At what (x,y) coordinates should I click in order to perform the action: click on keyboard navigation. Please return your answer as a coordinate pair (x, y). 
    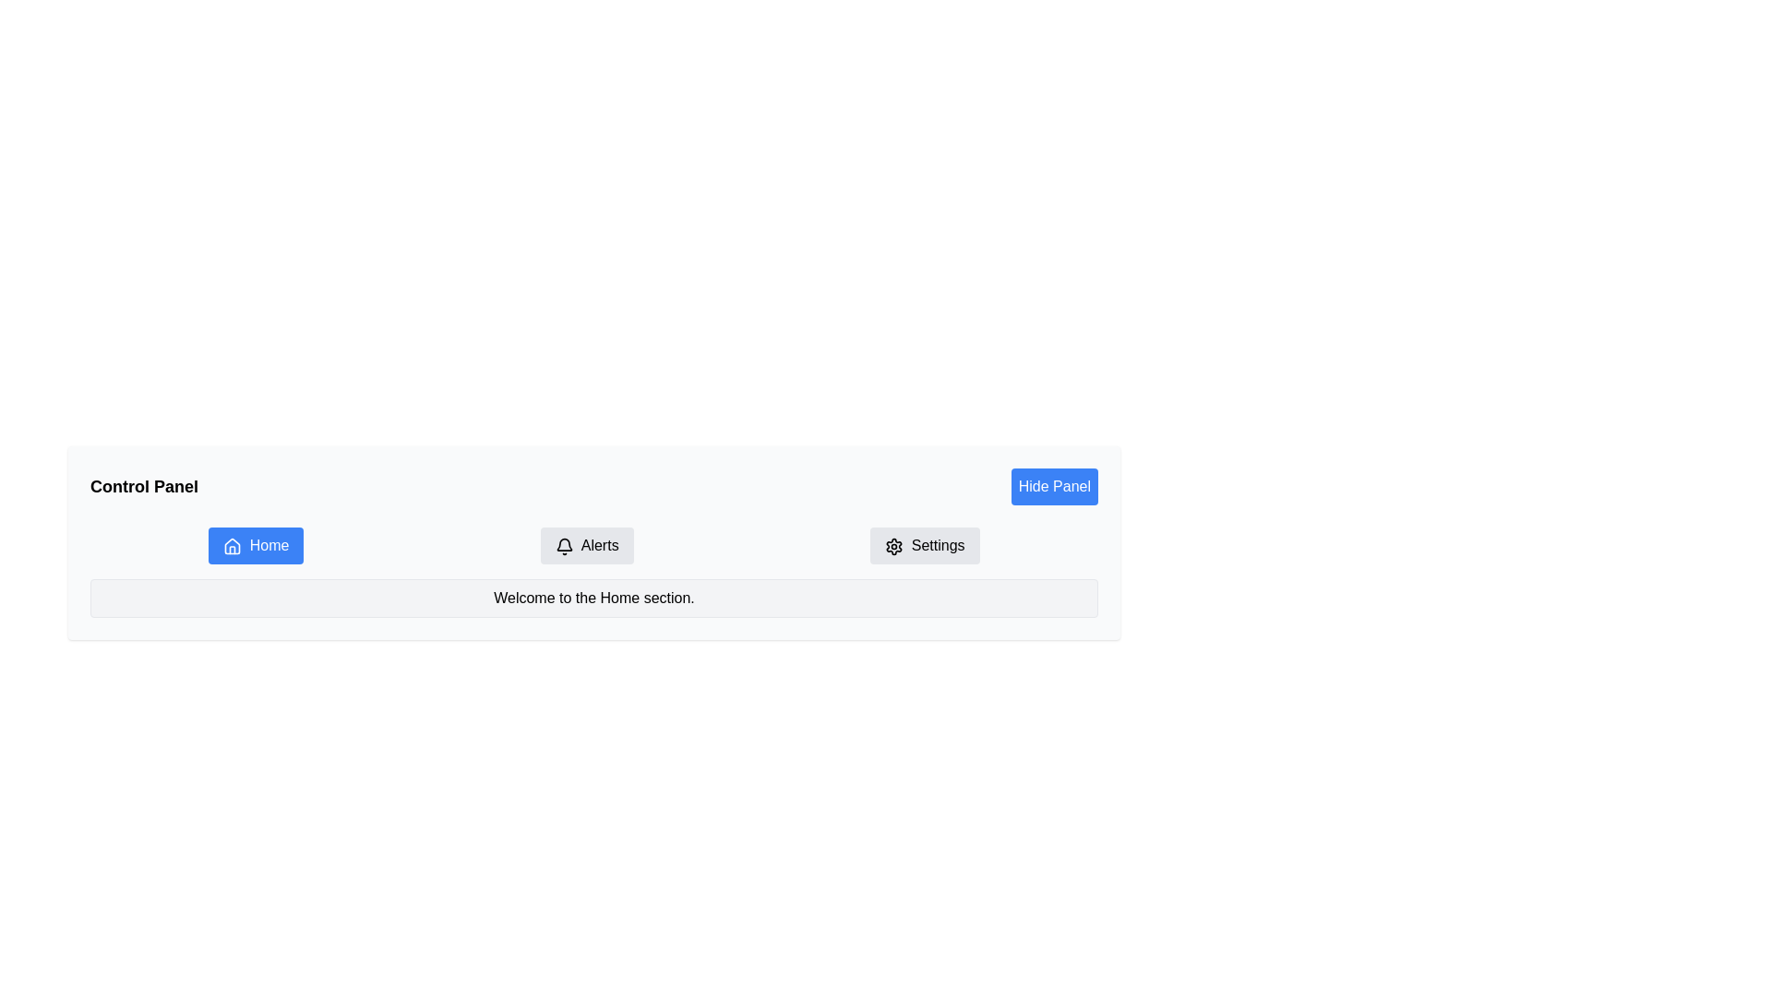
    Looking at the image, I should click on (894, 545).